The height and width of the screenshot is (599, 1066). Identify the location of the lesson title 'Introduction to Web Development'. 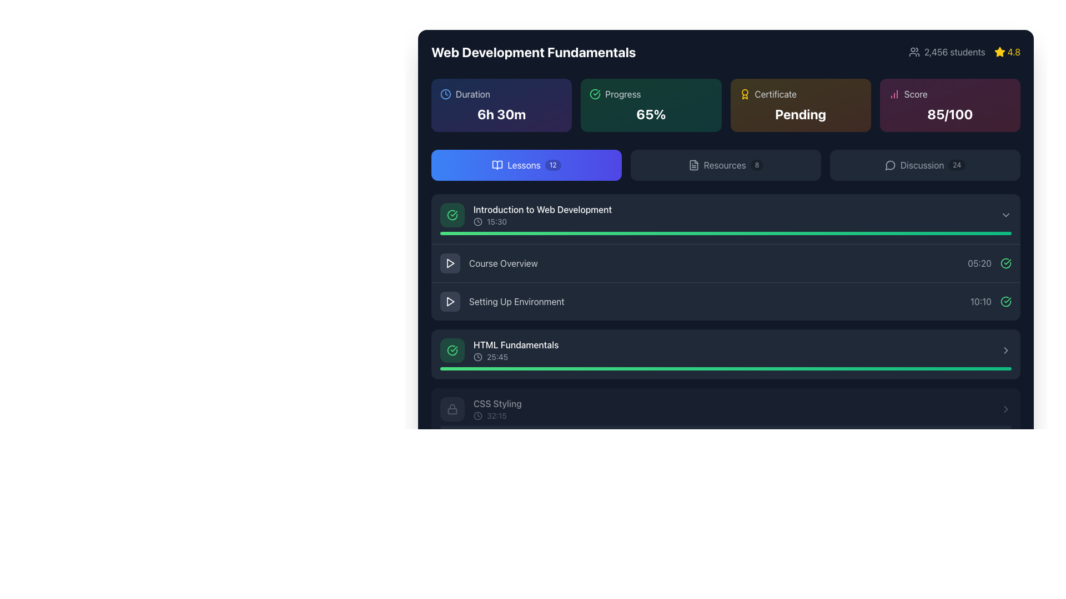
(525, 215).